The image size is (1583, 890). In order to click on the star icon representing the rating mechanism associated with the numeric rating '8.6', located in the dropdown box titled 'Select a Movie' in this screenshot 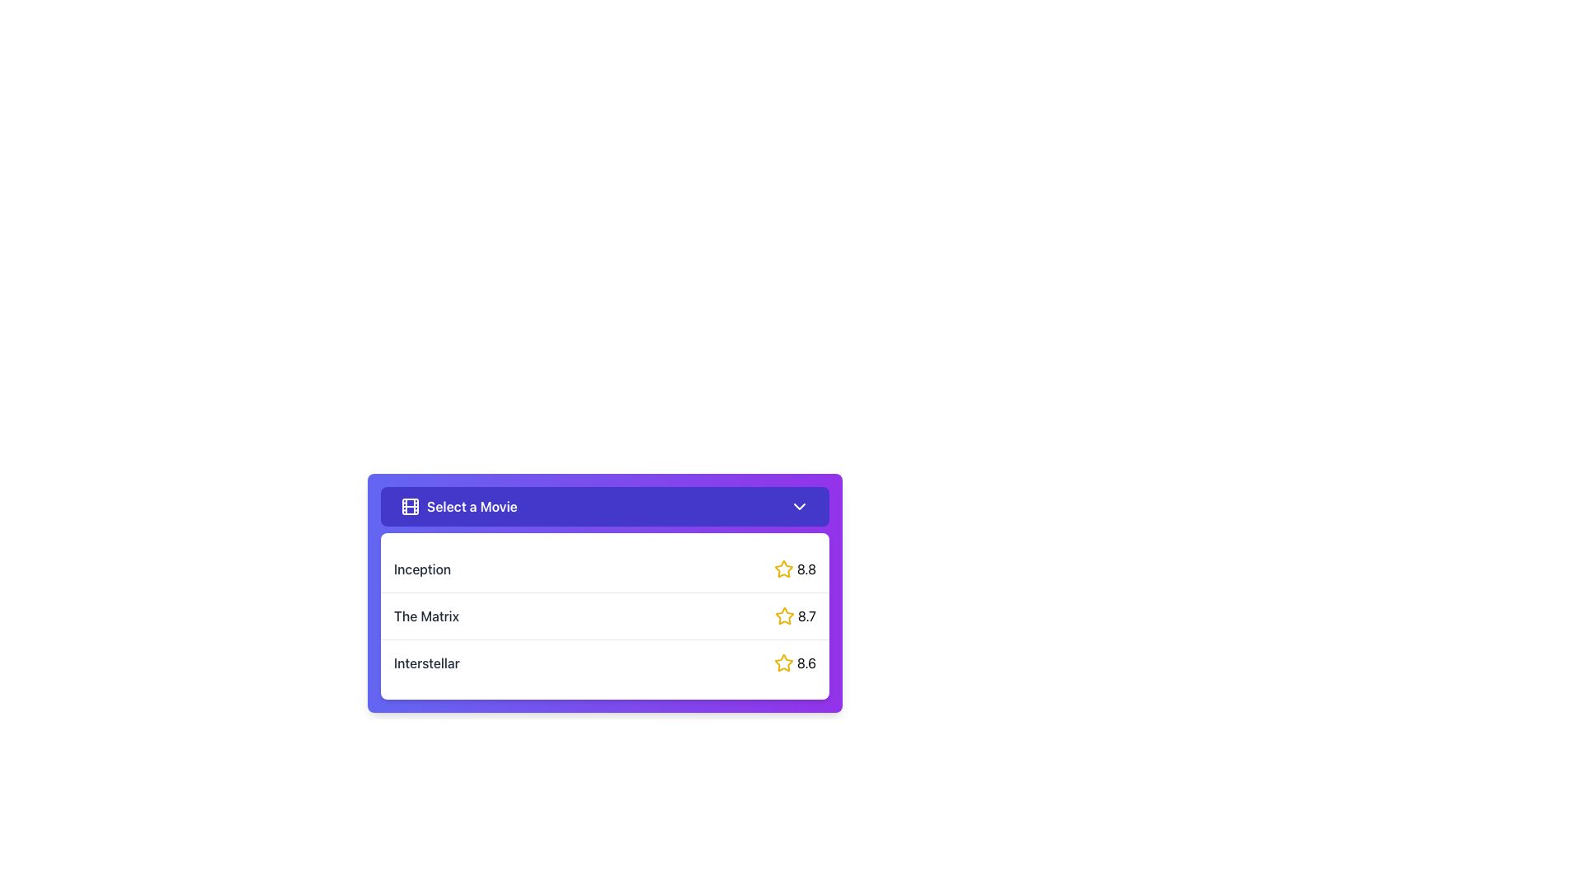, I will do `click(782, 662)`.